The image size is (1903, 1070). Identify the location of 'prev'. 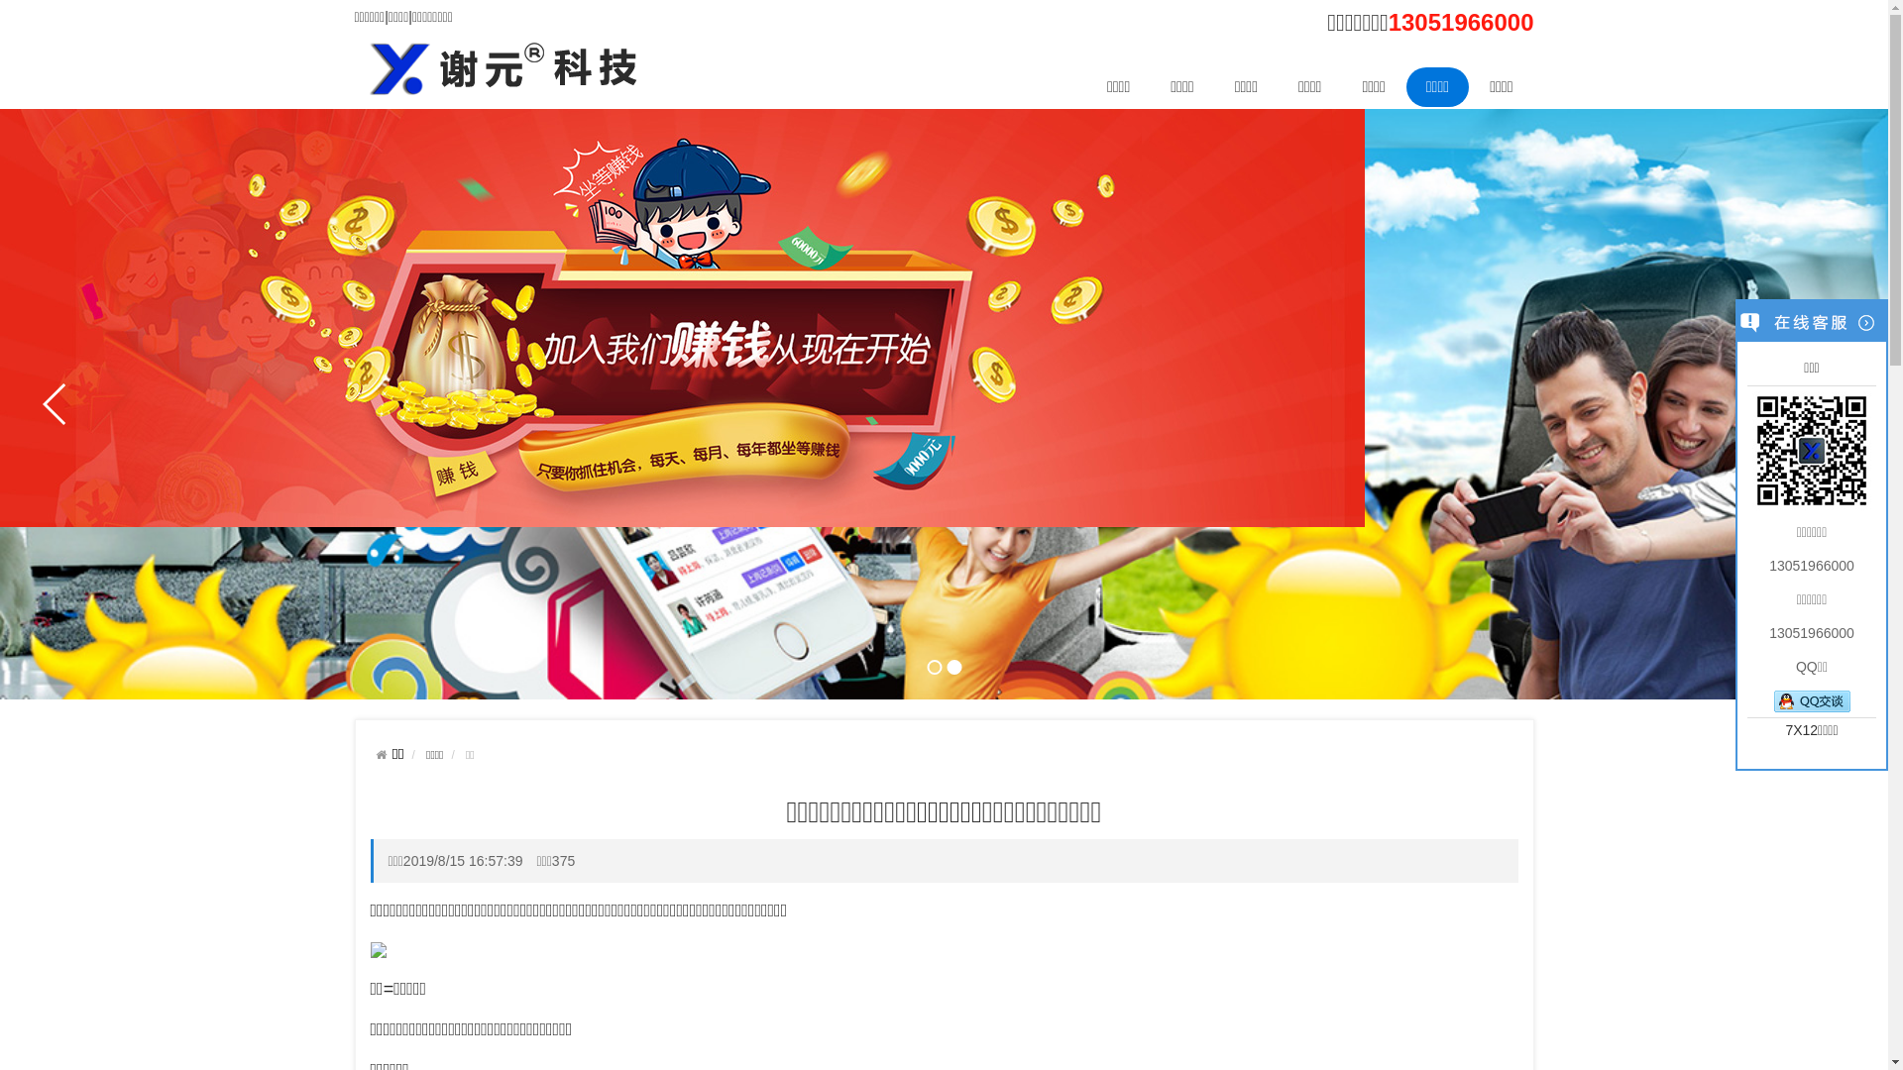
(56, 403).